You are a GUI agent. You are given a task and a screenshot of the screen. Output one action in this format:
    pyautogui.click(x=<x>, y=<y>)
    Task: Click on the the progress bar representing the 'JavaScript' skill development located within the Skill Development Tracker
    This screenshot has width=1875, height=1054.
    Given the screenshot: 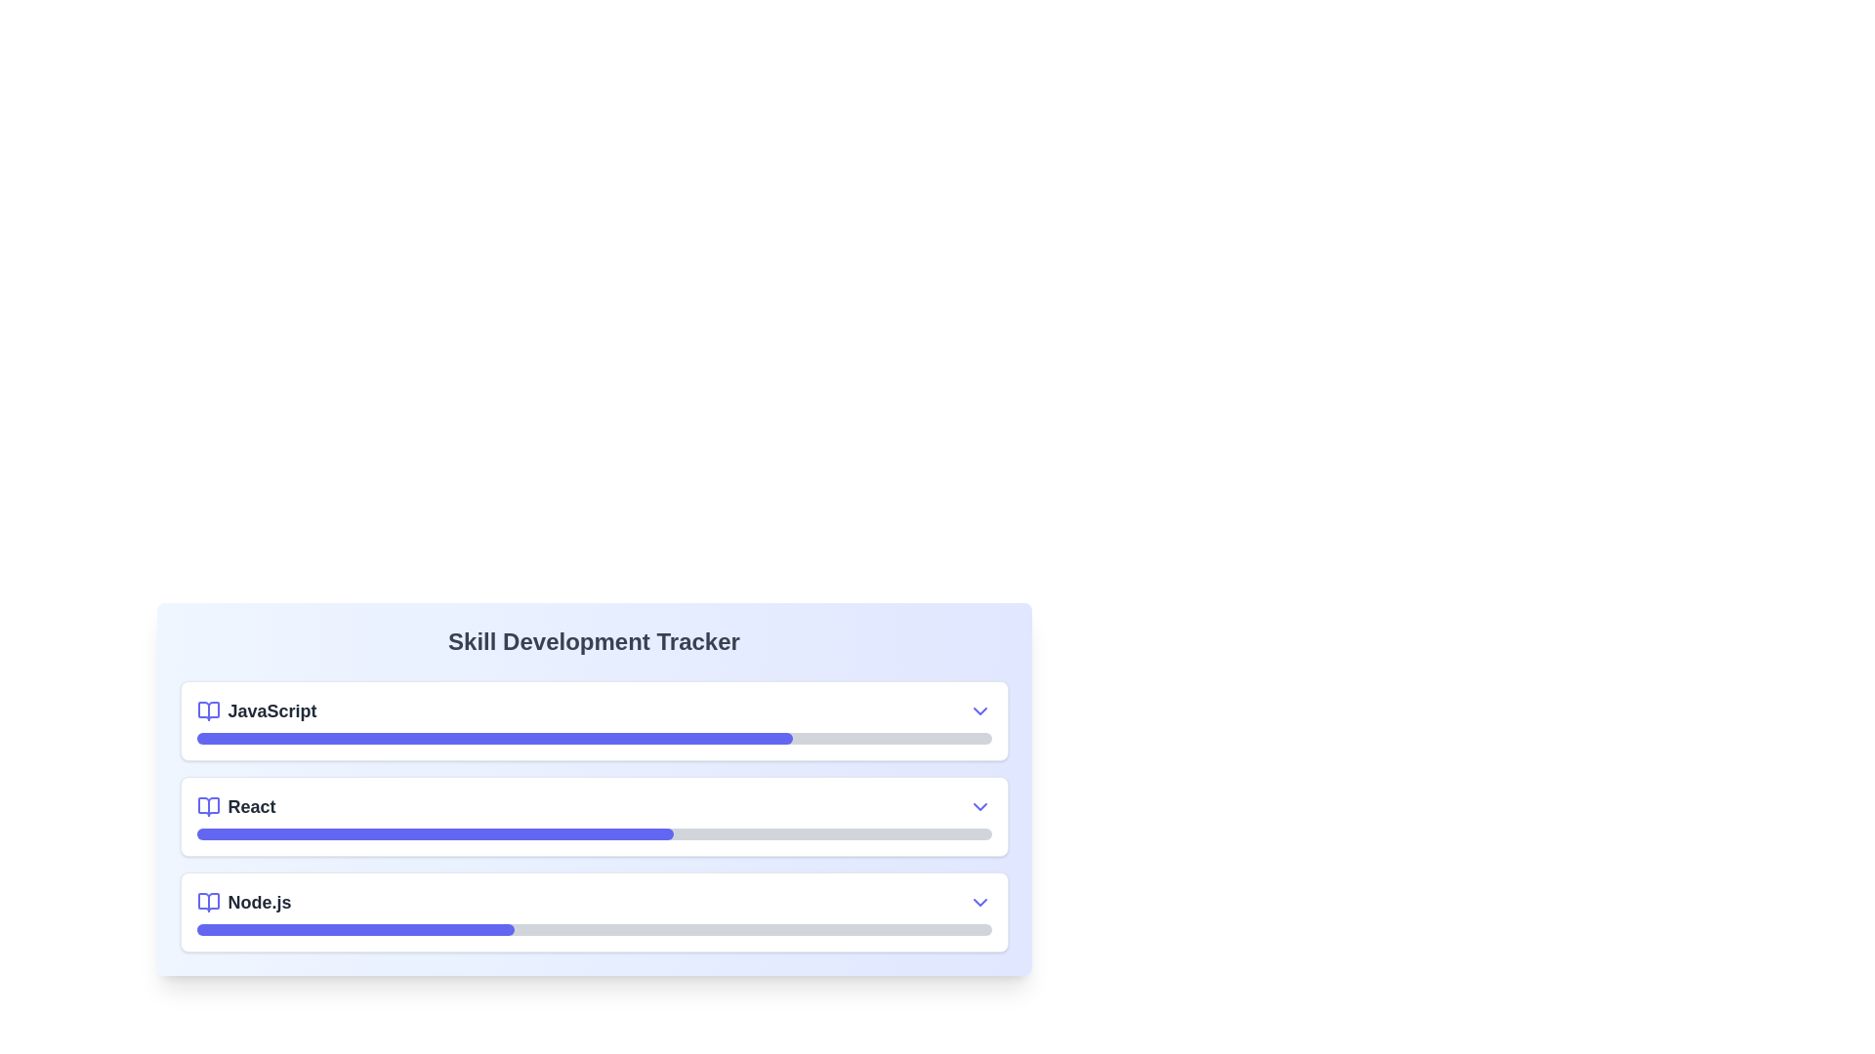 What is the action you would take?
    pyautogui.click(x=494, y=738)
    